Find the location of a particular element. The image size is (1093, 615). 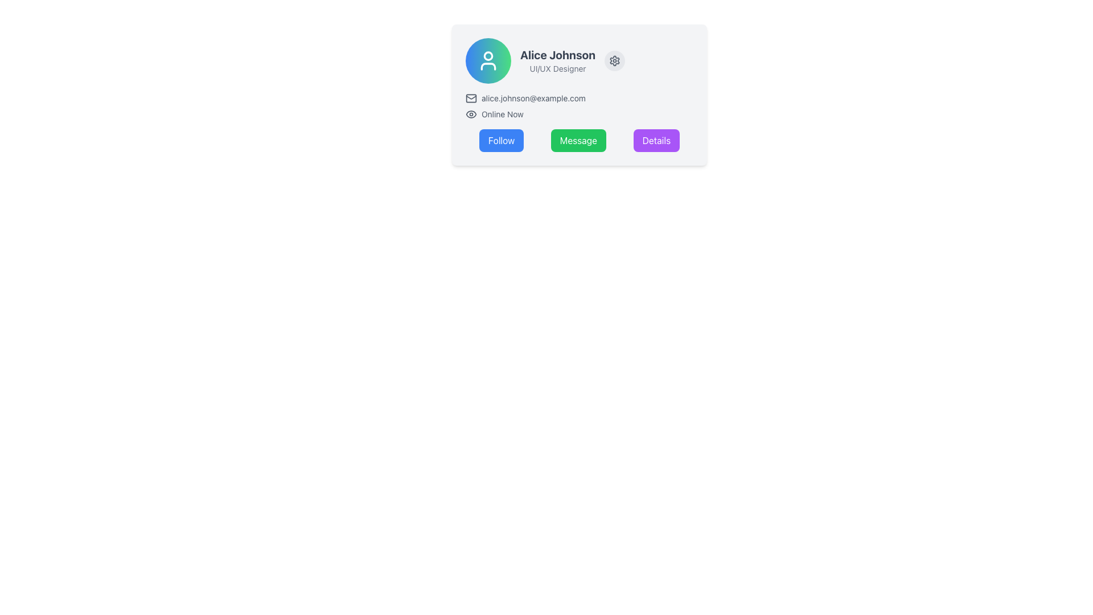

the circular icon button with a cogwheel icon at the top right of Alice Johnson's profile card to change its background color is located at coordinates (614, 61).